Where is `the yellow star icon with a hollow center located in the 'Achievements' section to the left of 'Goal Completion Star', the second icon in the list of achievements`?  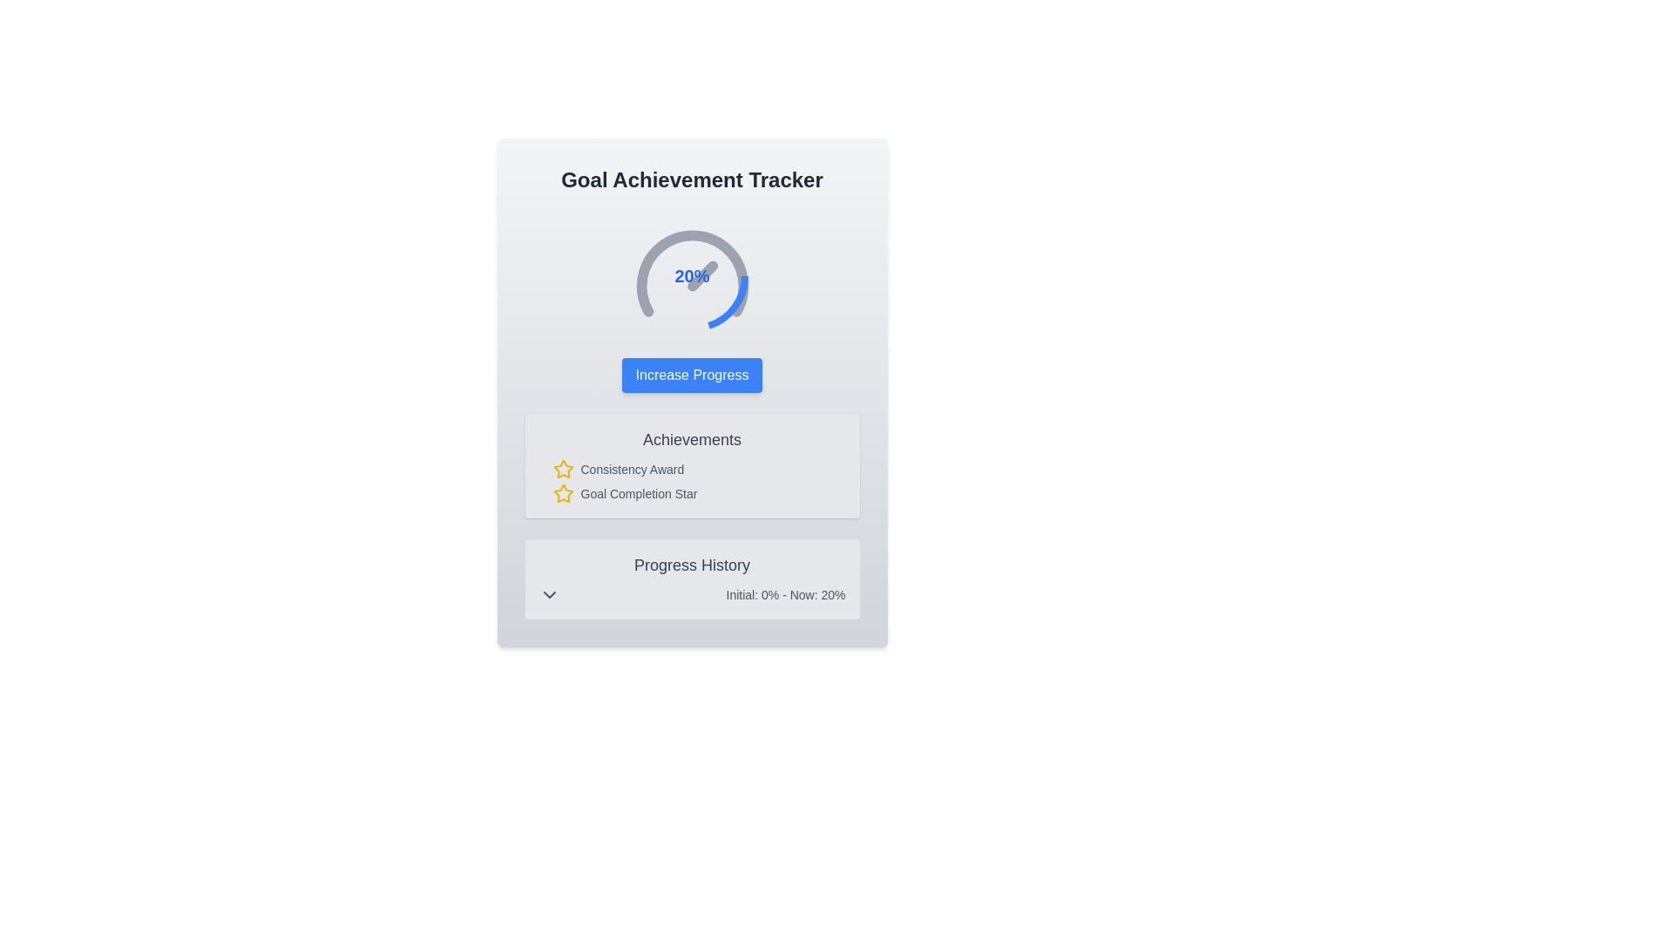 the yellow star icon with a hollow center located in the 'Achievements' section to the left of 'Goal Completion Star', the second icon in the list of achievements is located at coordinates (563, 494).